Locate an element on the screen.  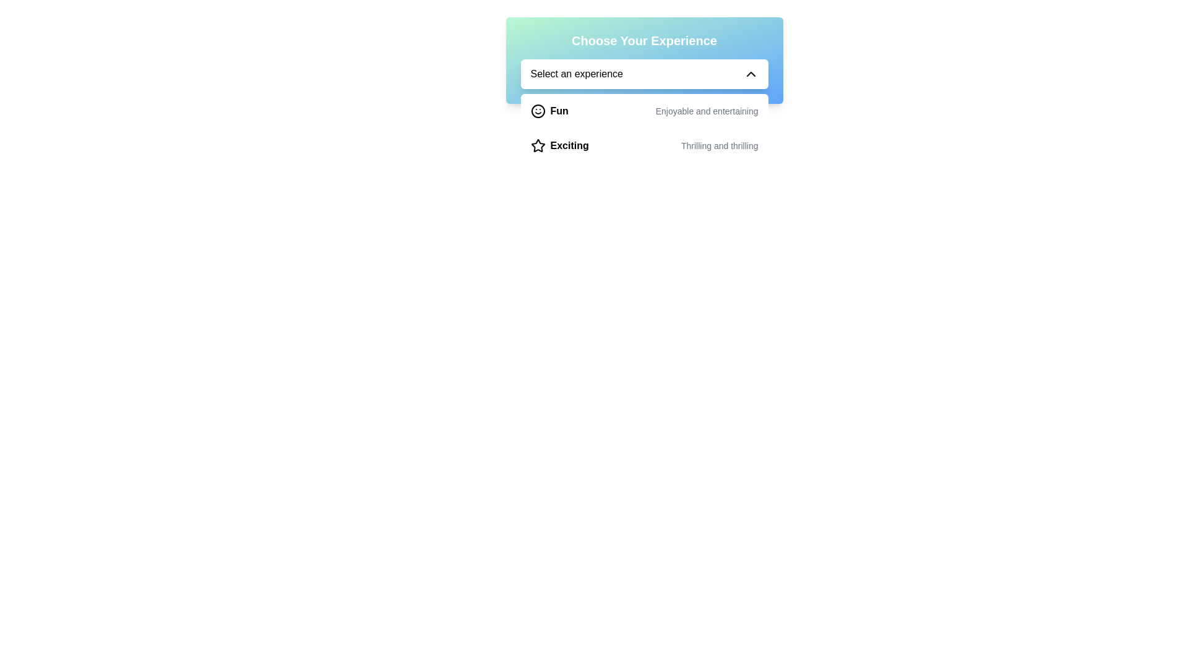
the SVG circle graphic that serves as the boundary of the smiley face icon next to the 'Fun' option in the dropdown under the 'Choose Your Experience' header is located at coordinates (538, 111).